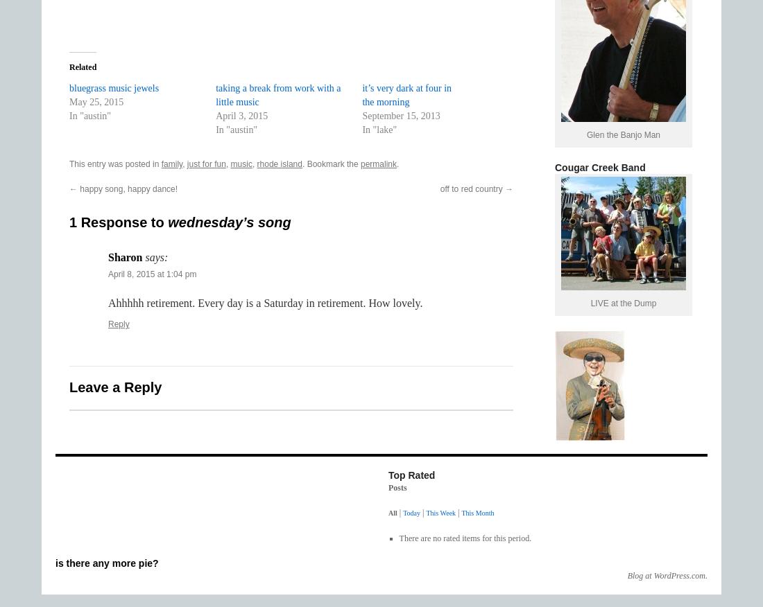 The width and height of the screenshot is (763, 607). I want to click on 'happy song, happy dance!', so click(127, 188).